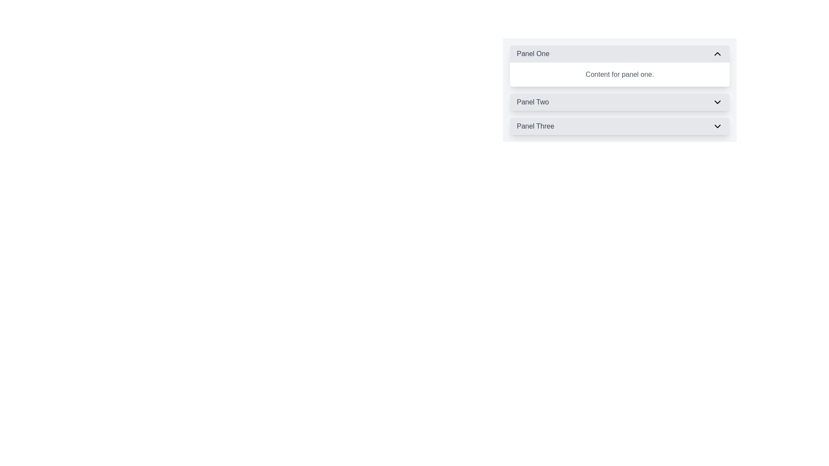  I want to click on the text label 'Panel Two', which is styled with a medium-weight font and gray color, located in the collapsible panel interface, so click(532, 101).